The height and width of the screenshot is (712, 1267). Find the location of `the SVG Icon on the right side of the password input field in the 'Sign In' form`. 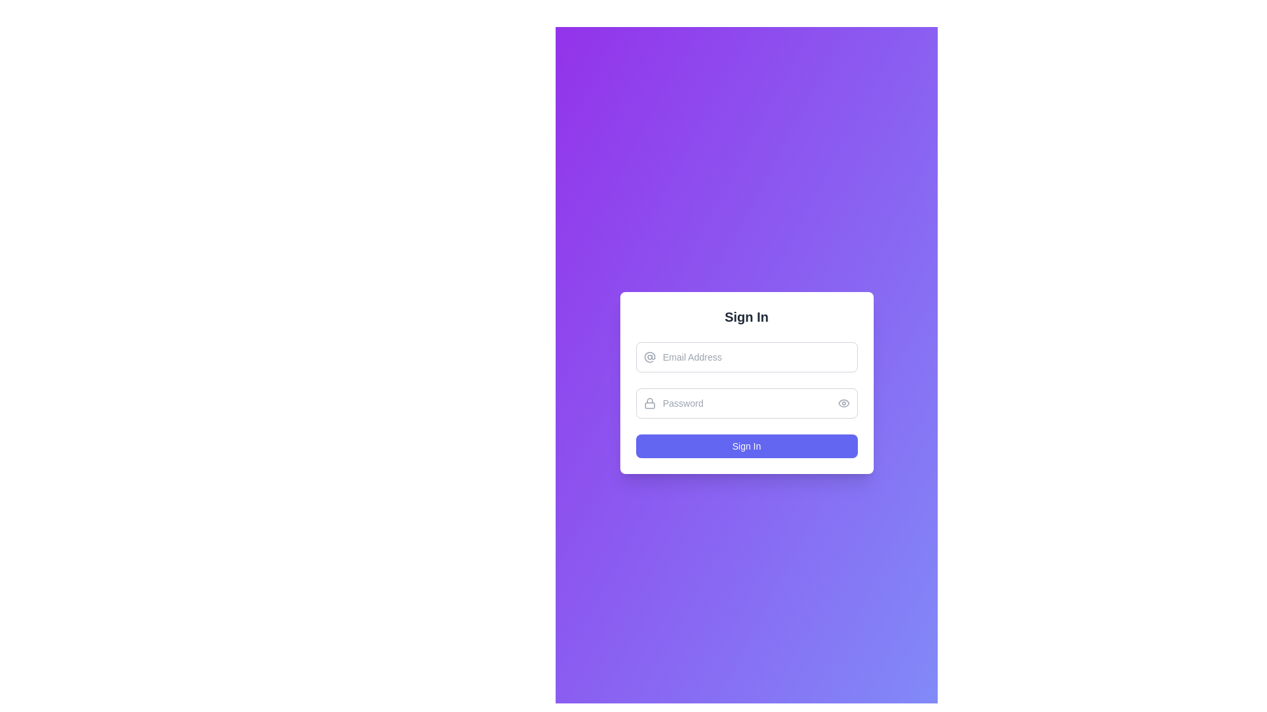

the SVG Icon on the right side of the password input field in the 'Sign In' form is located at coordinates (843, 403).